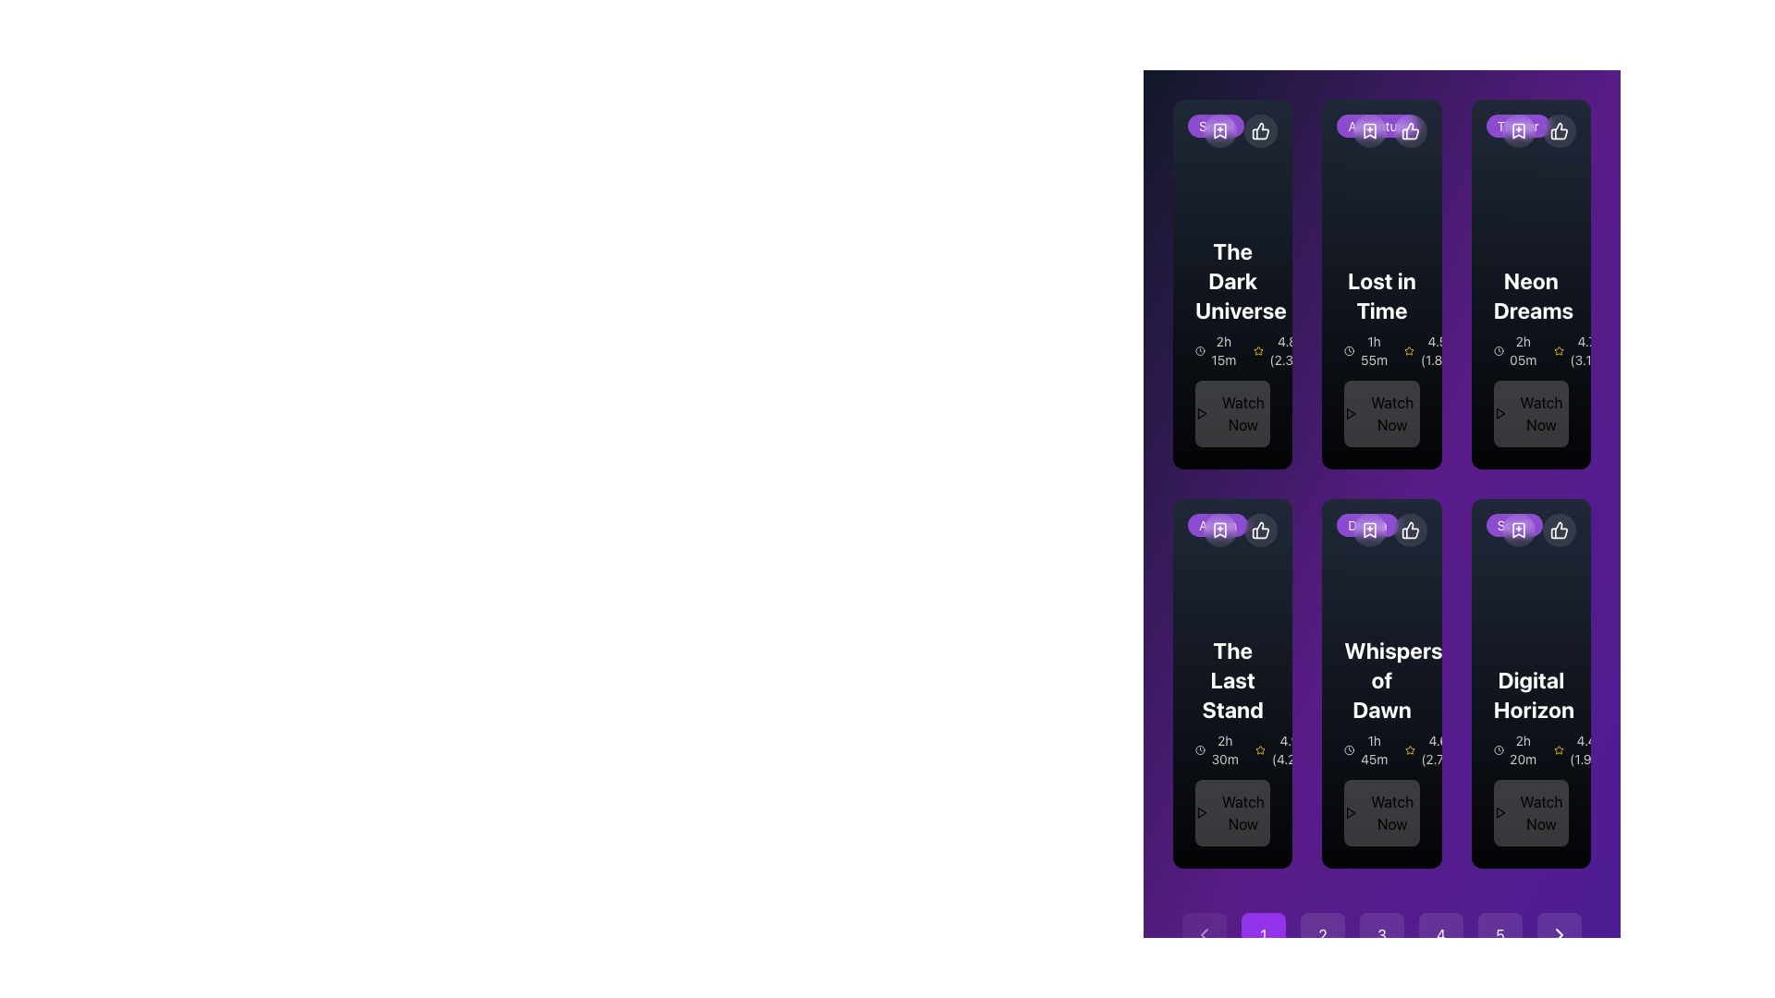  I want to click on the bookmark icon graphic within the circular button located at the top middle of the 'Lost in Time' card, which is styled in white against a purple background, so click(1369, 130).